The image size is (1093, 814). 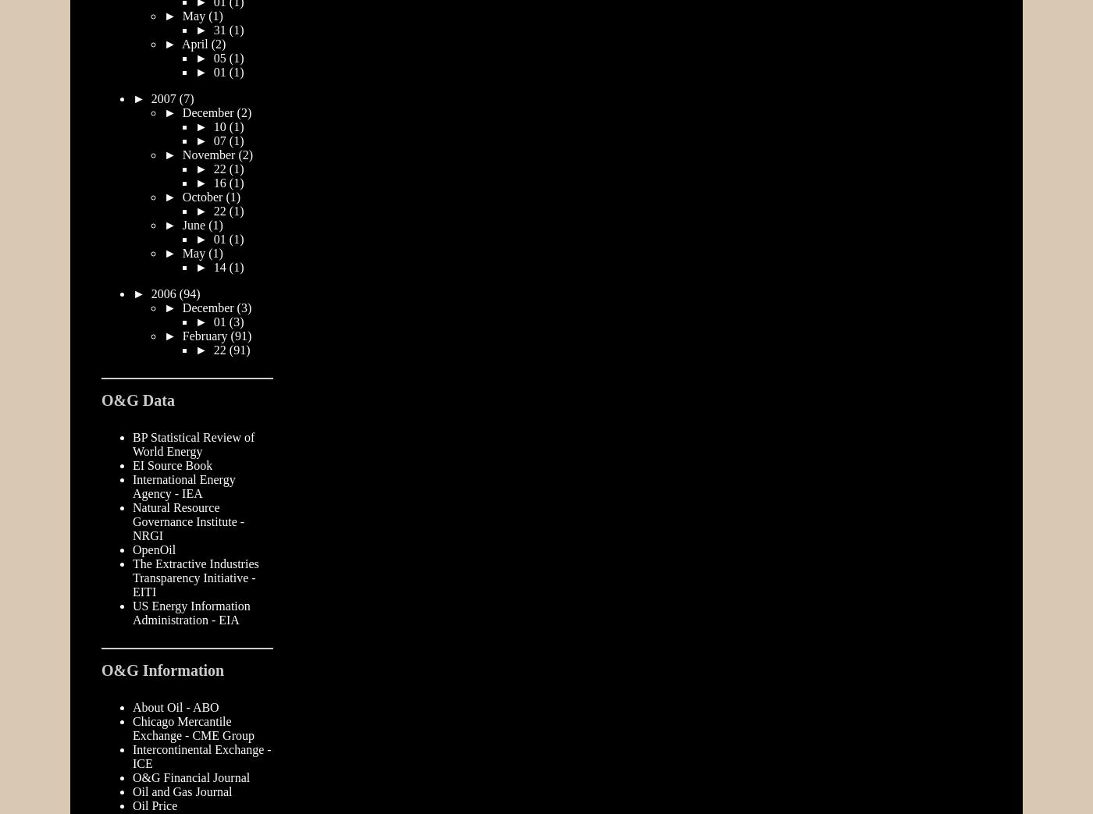 What do you see at coordinates (173, 464) in the screenshot?
I see `'EI Source Book'` at bounding box center [173, 464].